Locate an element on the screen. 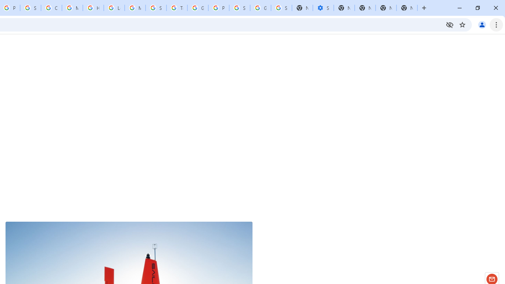  'Google Ads - Sign in' is located at coordinates (198, 8).